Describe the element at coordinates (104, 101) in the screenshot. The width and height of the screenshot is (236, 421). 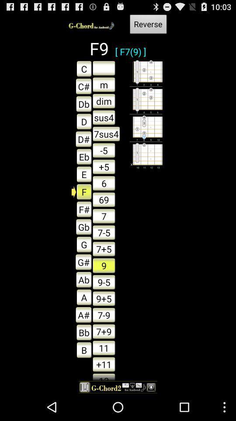
I see `dim` at that location.